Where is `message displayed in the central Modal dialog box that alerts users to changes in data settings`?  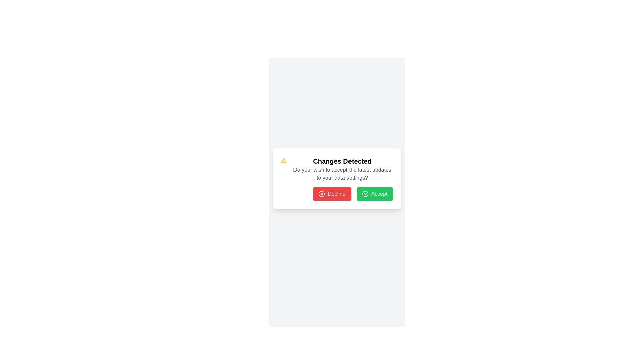 message displayed in the central Modal dialog box that alerts users to changes in data settings is located at coordinates (337, 178).